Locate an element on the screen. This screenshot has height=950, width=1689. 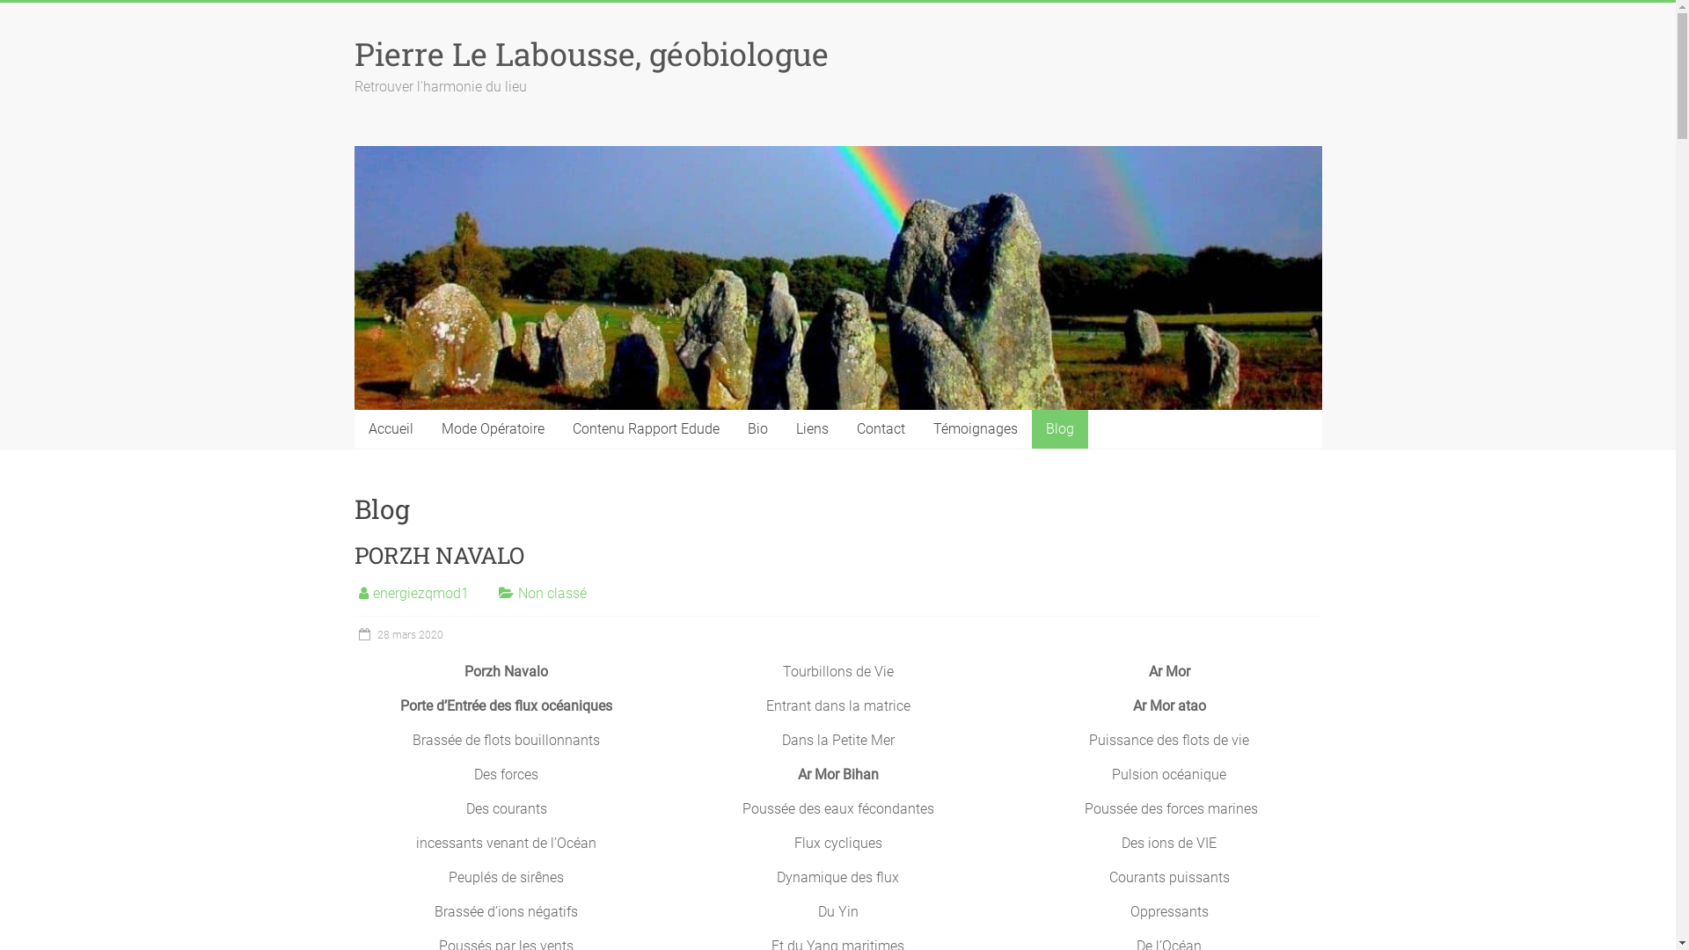
'Blog' is located at coordinates (1058, 429).